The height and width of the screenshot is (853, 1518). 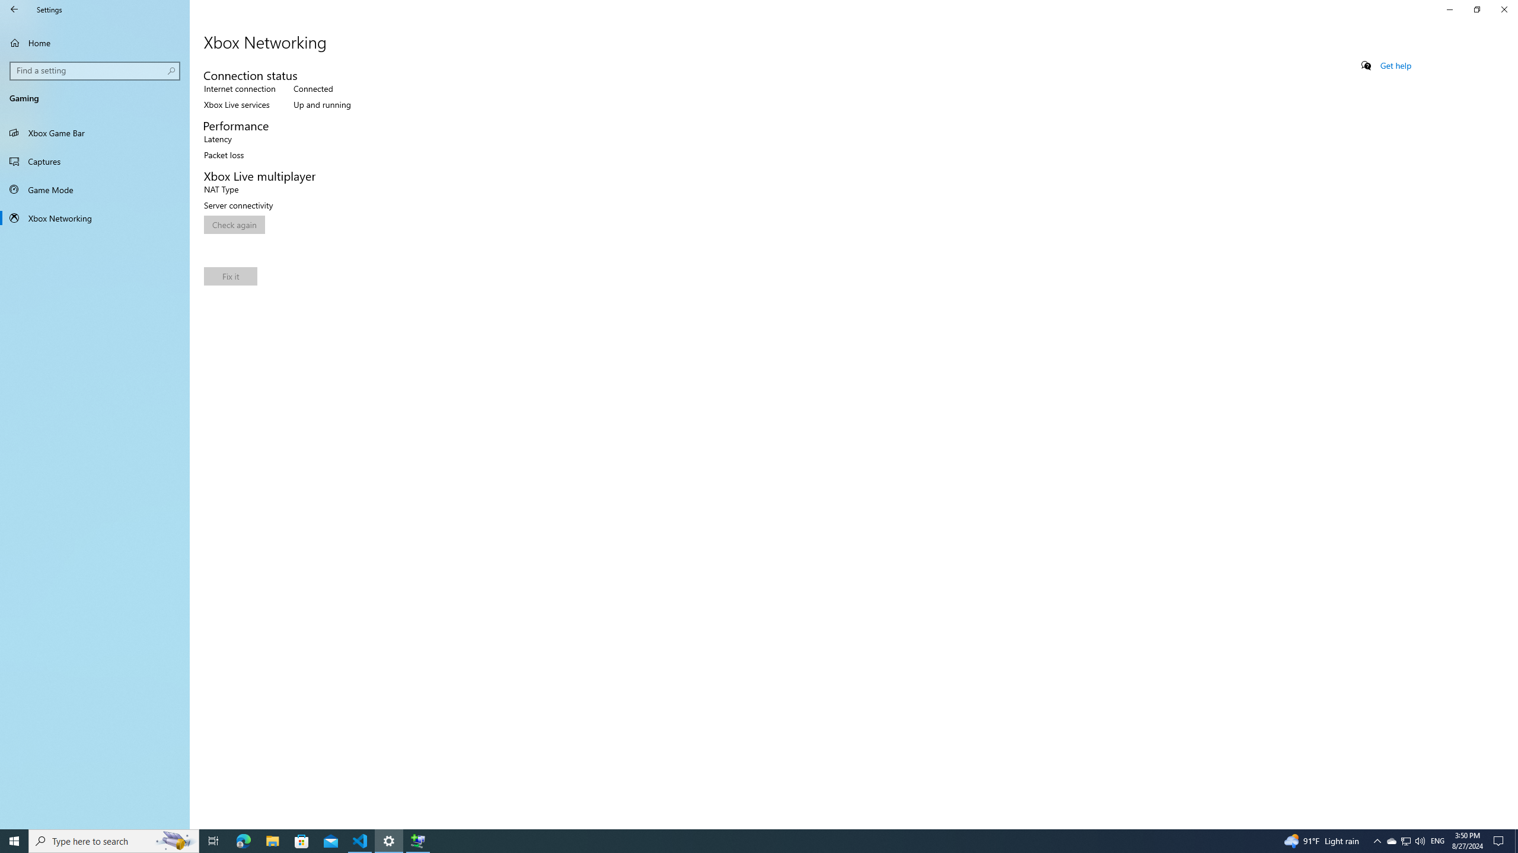 What do you see at coordinates (94, 217) in the screenshot?
I see `'Xbox Networking'` at bounding box center [94, 217].